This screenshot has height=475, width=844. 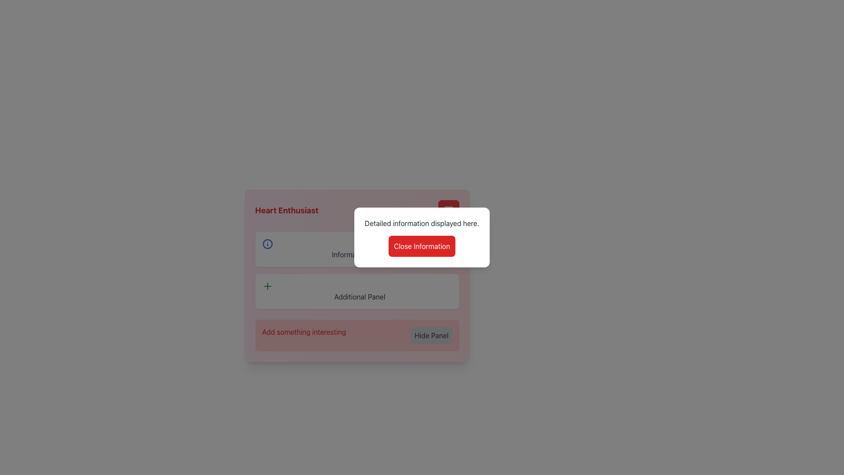 I want to click on the text label 'Heart Enthusiast' which is styled with bold red text and located at the top of a rectangular card UI component, so click(x=357, y=210).